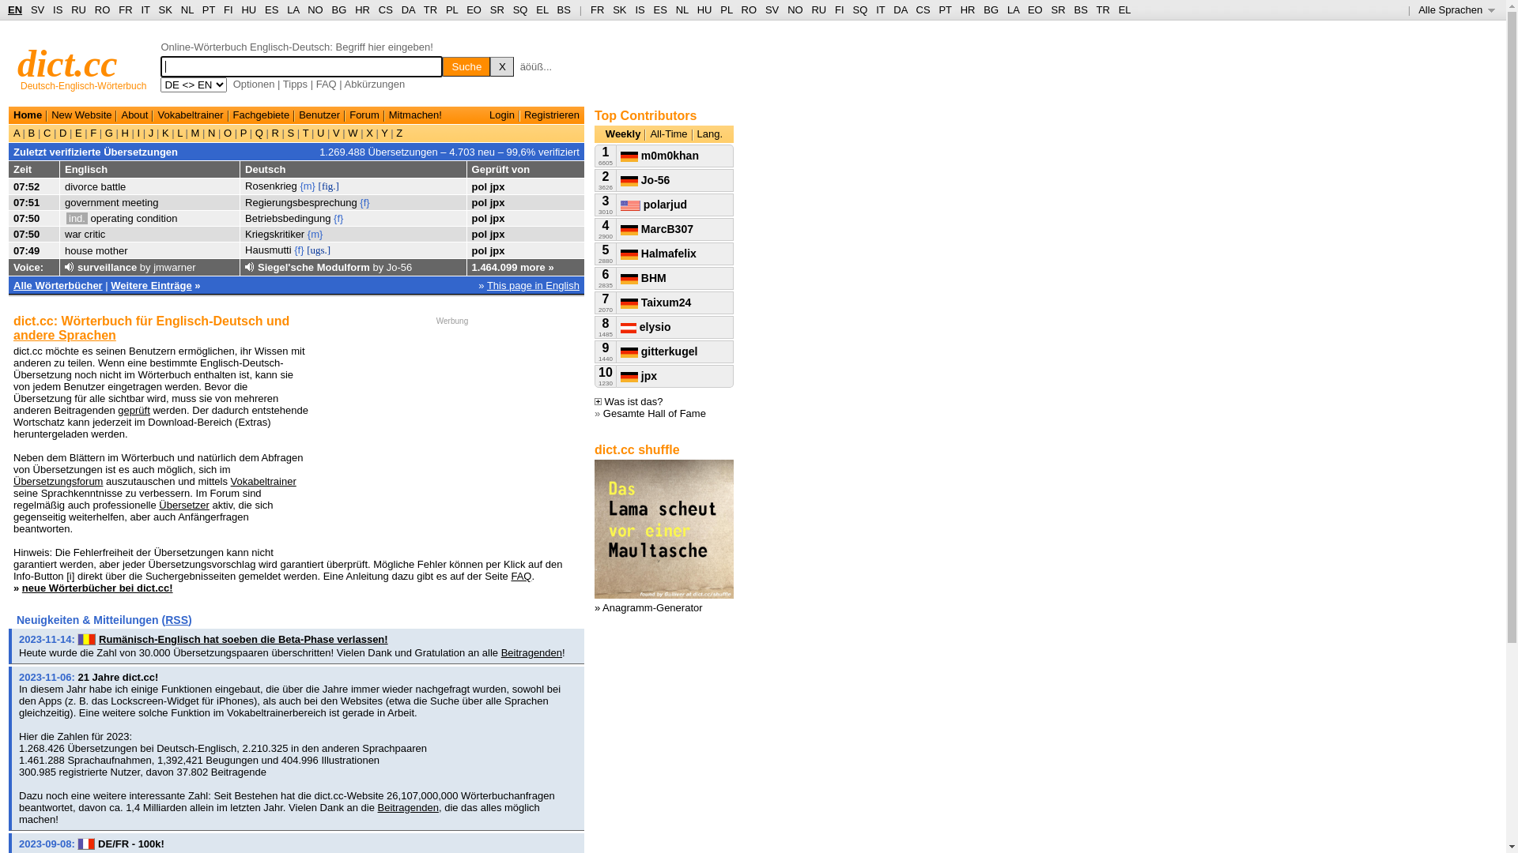 This screenshot has width=1518, height=853. I want to click on 'jpx', so click(497, 234).